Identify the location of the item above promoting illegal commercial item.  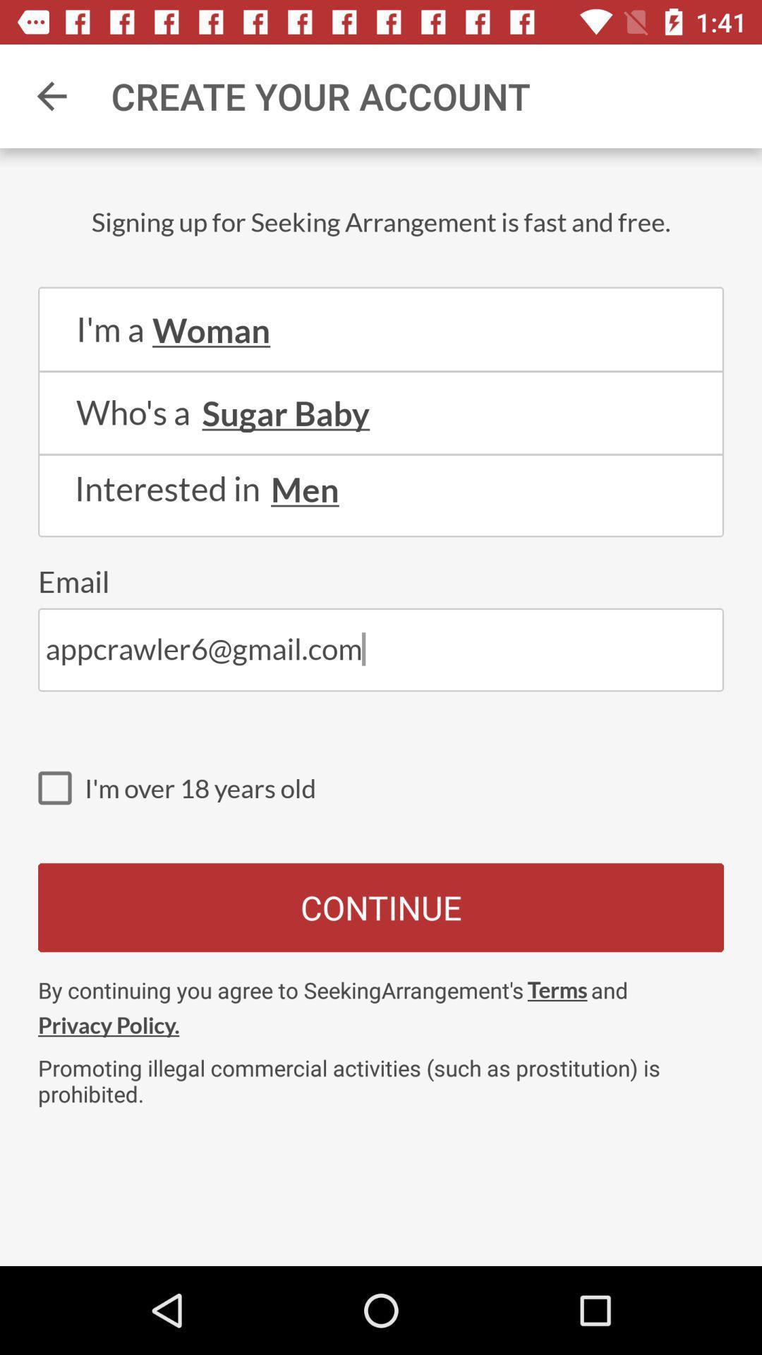
(557, 989).